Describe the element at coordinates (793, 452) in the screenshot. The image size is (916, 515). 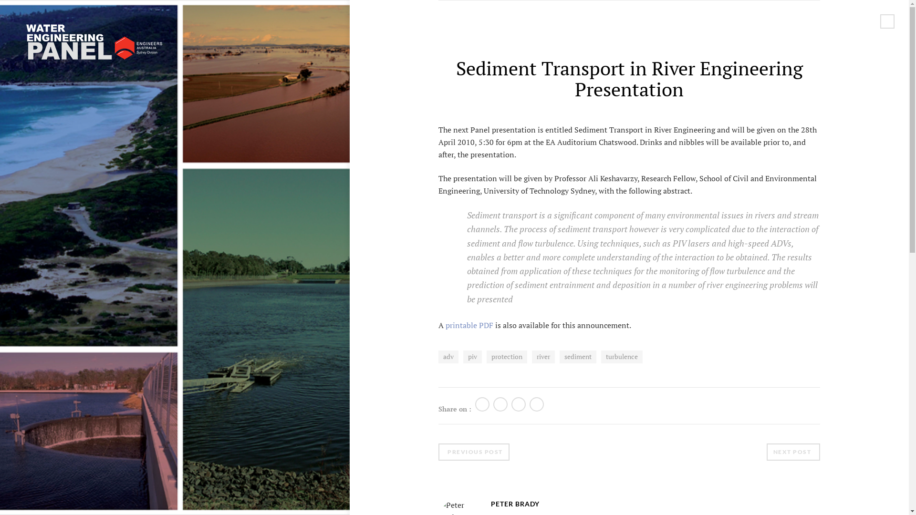
I see `'NEXT POST'` at that location.